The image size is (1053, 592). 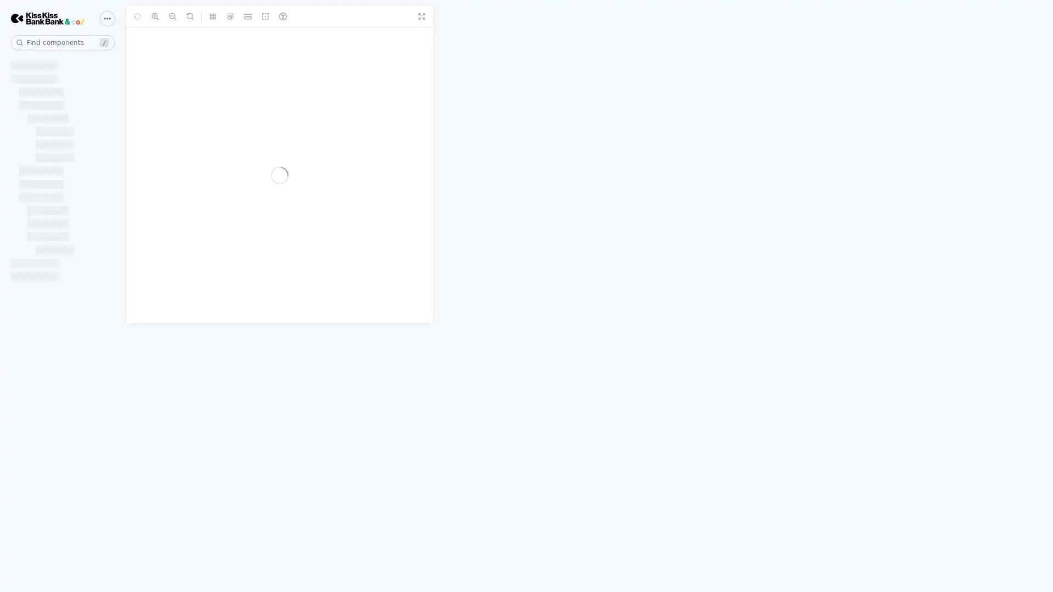 I want to click on Change the background of the preview, so click(x=297, y=16).